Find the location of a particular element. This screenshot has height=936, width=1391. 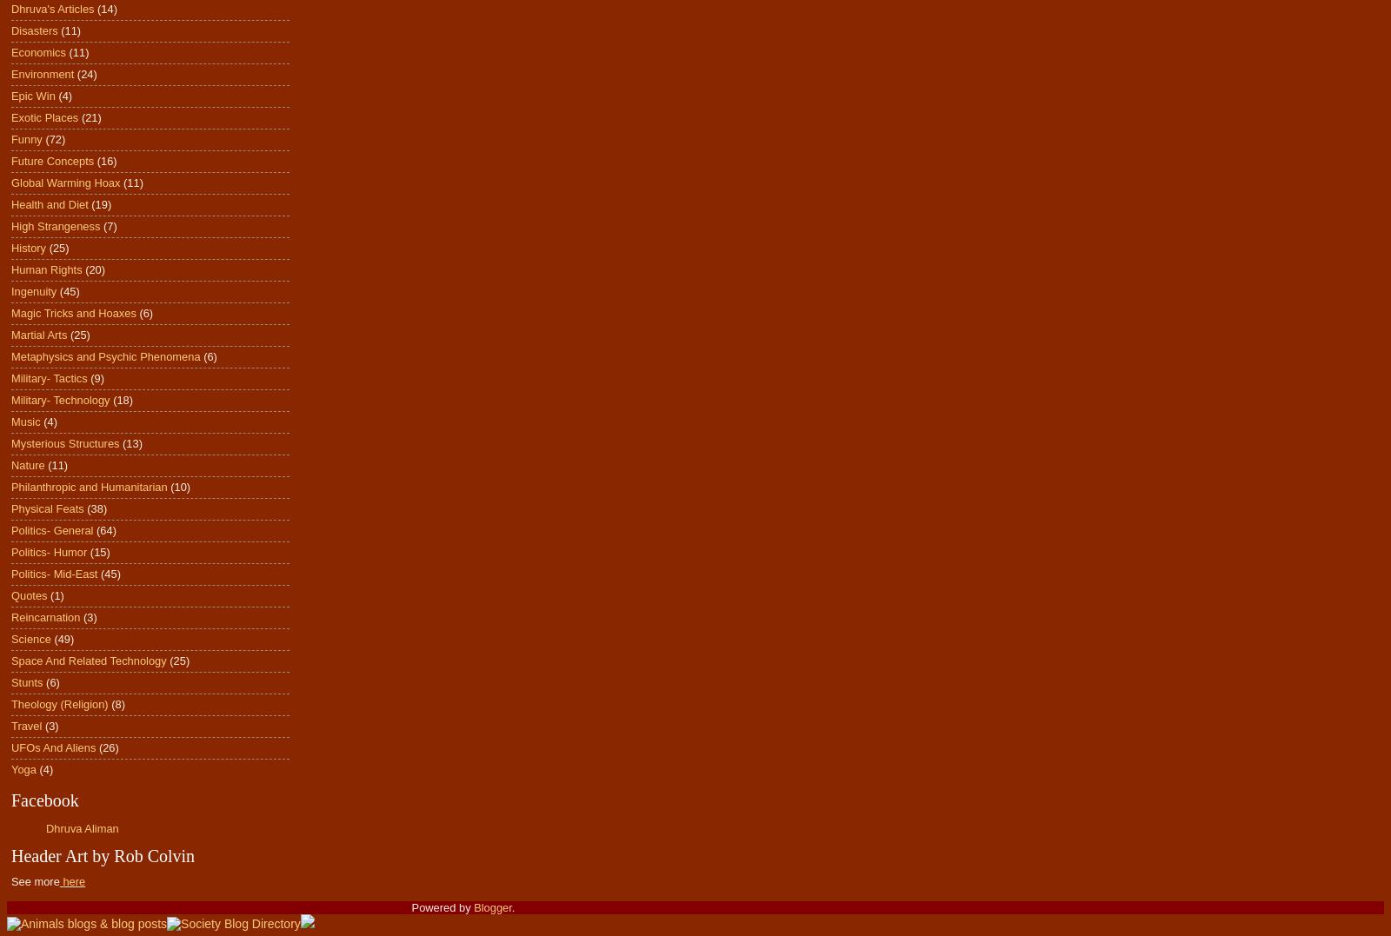

'(7)' is located at coordinates (109, 225).